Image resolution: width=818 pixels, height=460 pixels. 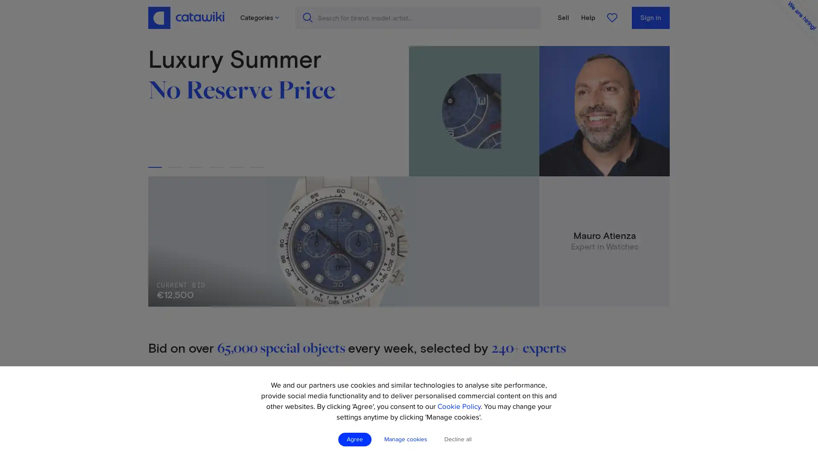 What do you see at coordinates (697, 405) in the screenshot?
I see `Create account` at bounding box center [697, 405].